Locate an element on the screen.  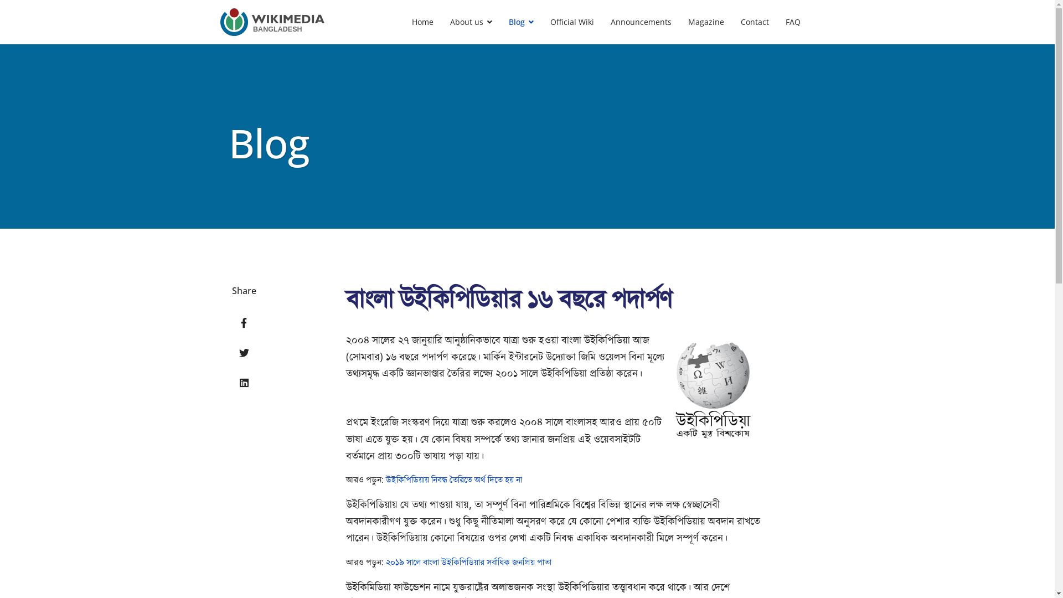
'Twitter' is located at coordinates (244, 352).